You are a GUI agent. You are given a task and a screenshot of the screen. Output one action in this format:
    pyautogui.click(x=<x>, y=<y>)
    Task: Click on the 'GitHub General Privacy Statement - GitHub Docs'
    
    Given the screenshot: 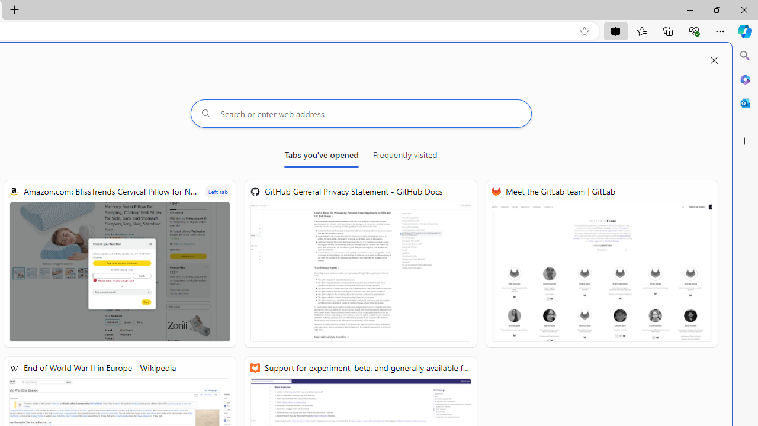 What is the action you would take?
    pyautogui.click(x=360, y=263)
    